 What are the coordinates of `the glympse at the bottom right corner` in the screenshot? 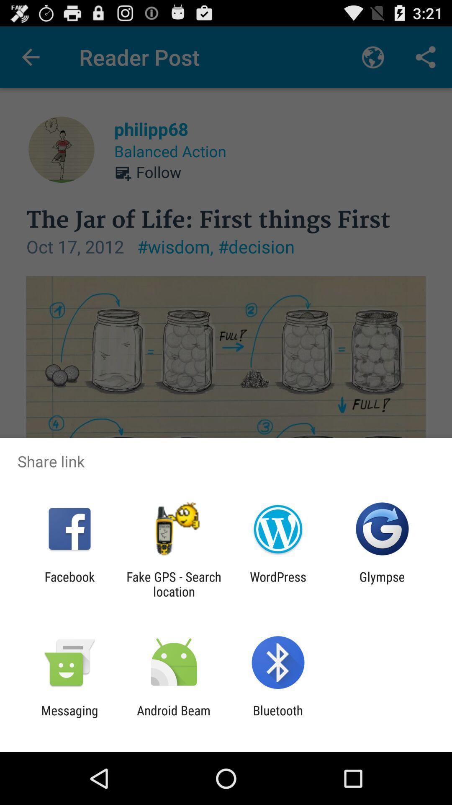 It's located at (382, 584).